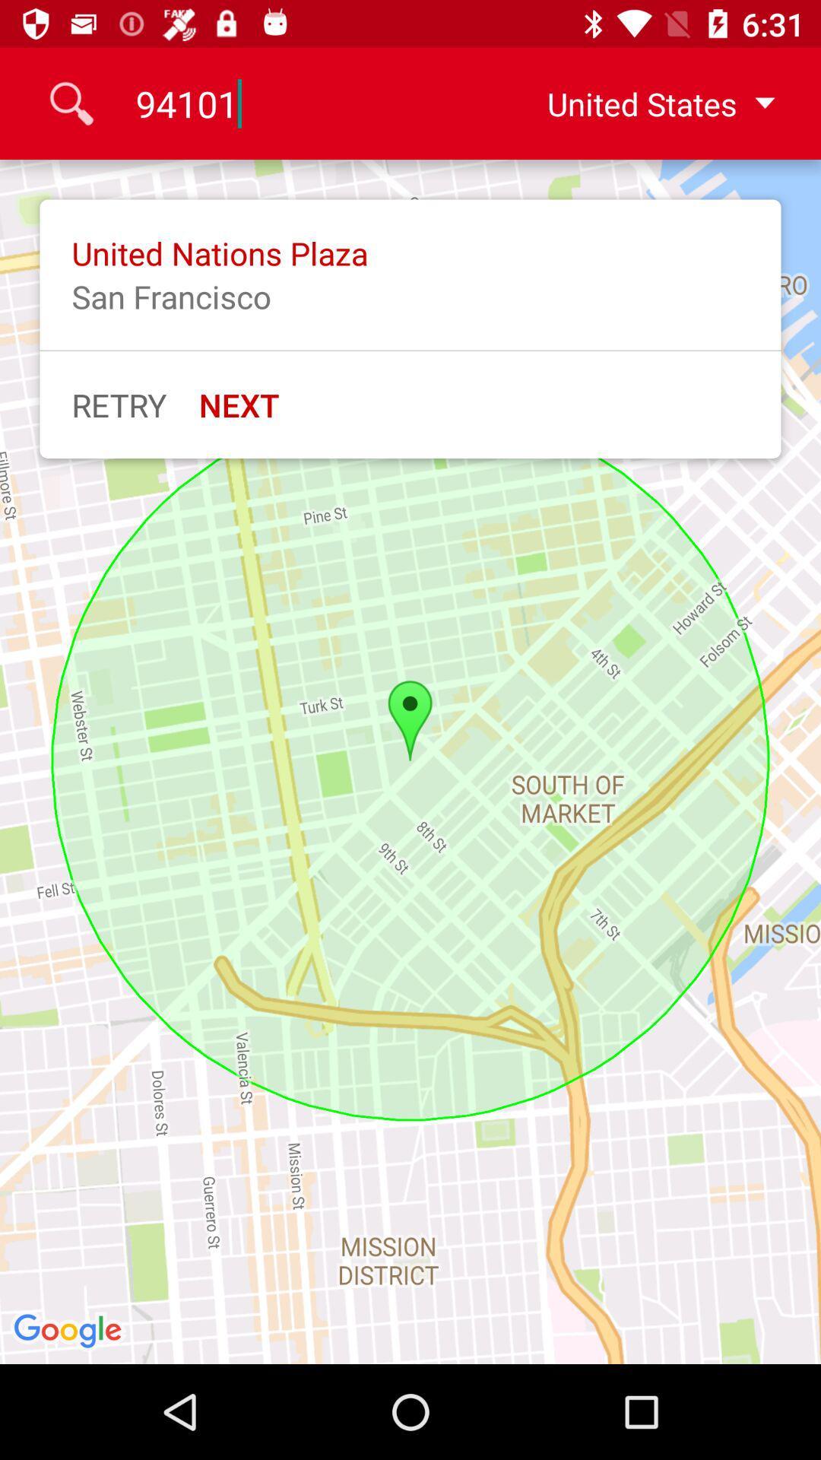 The image size is (821, 1460). Describe the element at coordinates (648, 103) in the screenshot. I see `the item next to the 94101 icon` at that location.